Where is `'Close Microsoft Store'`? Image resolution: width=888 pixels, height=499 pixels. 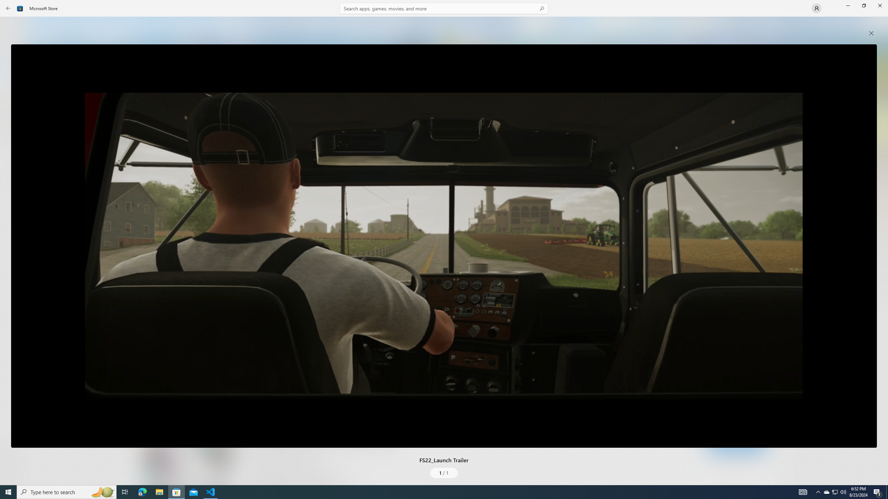 'Close Microsoft Store' is located at coordinates (879, 5).